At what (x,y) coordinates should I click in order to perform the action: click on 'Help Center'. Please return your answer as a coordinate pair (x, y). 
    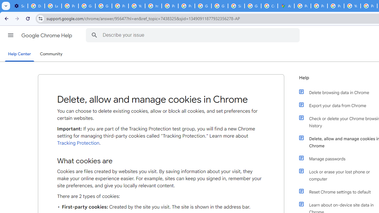
    Looking at the image, I should click on (19, 54).